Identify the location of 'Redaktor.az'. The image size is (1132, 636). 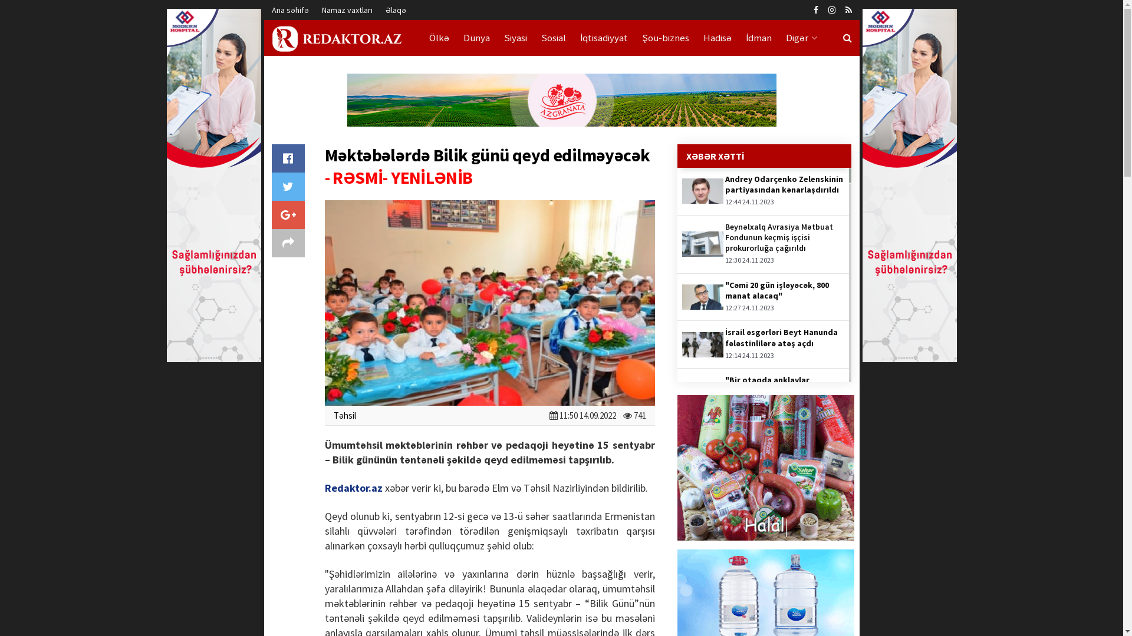
(353, 488).